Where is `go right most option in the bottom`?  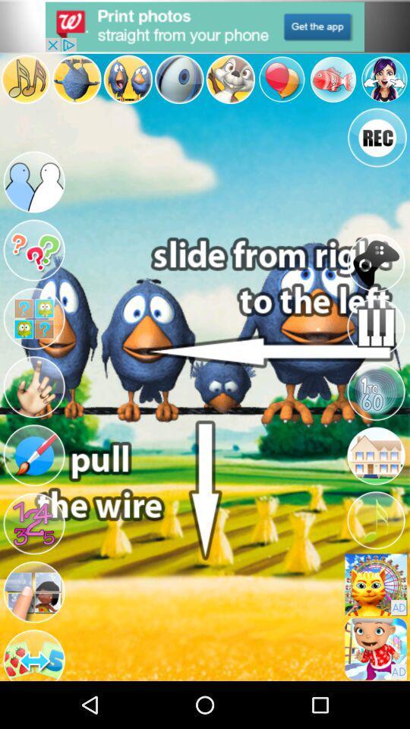
go right most option in the bottom is located at coordinates (375, 648).